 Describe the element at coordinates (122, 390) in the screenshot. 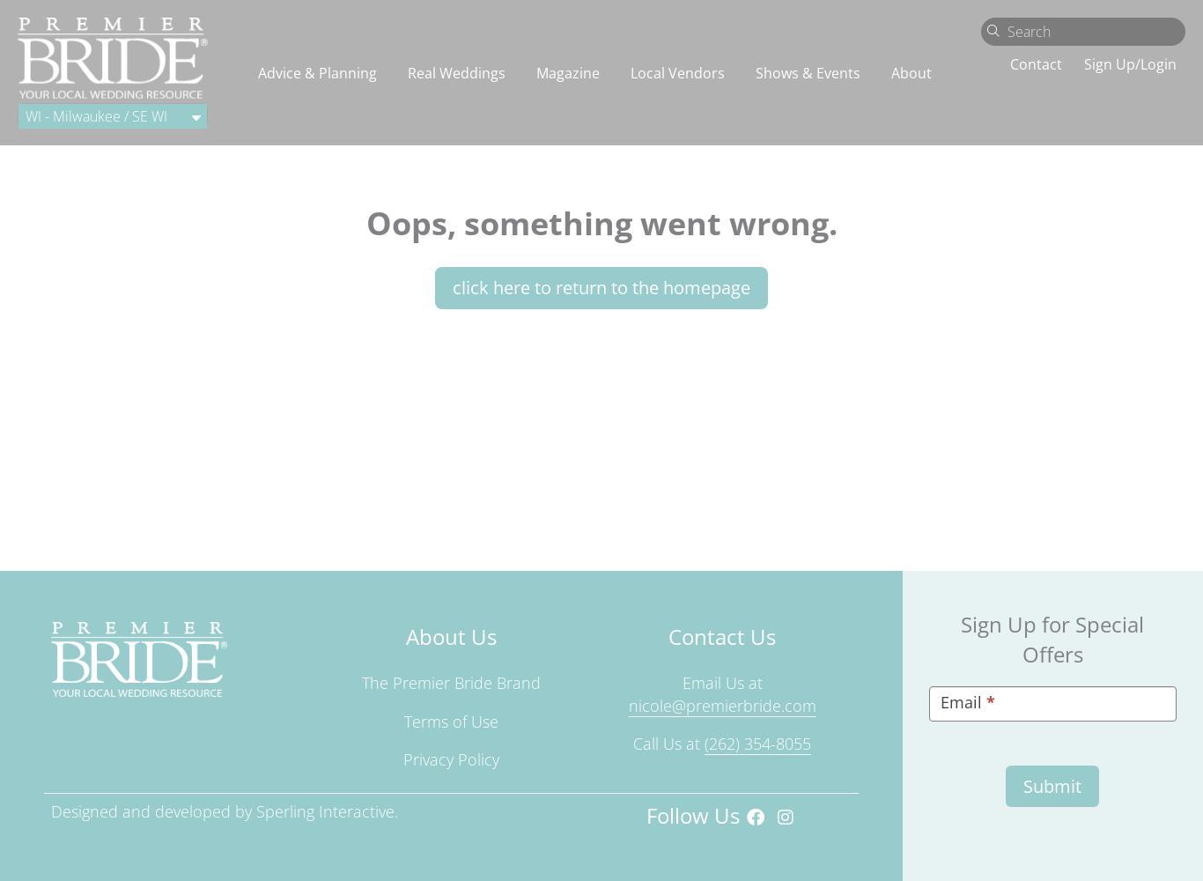

I see `'Bridal Shops'` at that location.